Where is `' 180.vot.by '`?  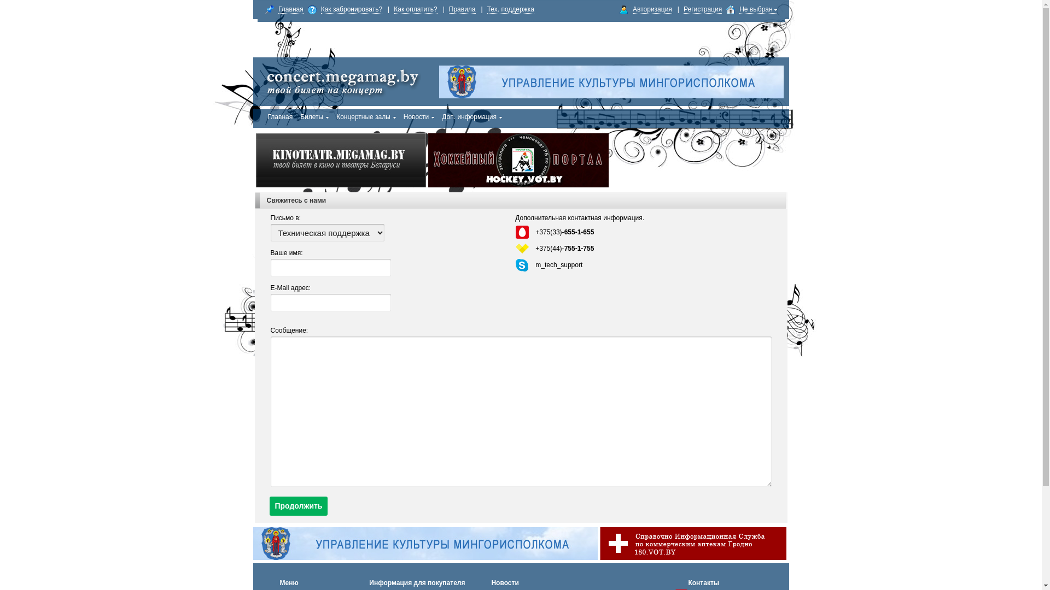
' 180.vot.by ' is located at coordinates (598, 544).